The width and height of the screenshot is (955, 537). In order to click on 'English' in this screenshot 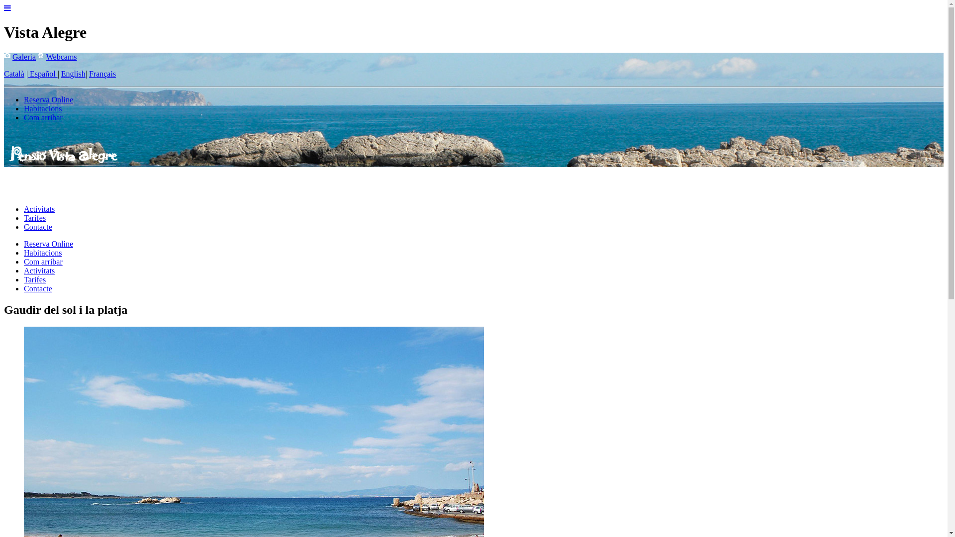, I will do `click(61, 73)`.